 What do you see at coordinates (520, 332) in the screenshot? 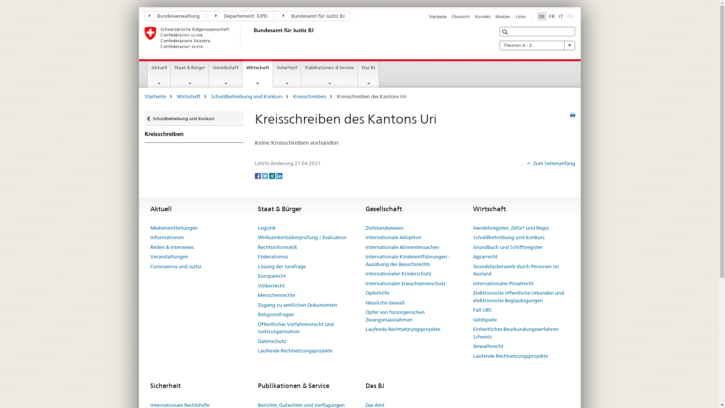
I see `'Einheitliches Beurkundungsverfahren Schweiz'` at bounding box center [520, 332].